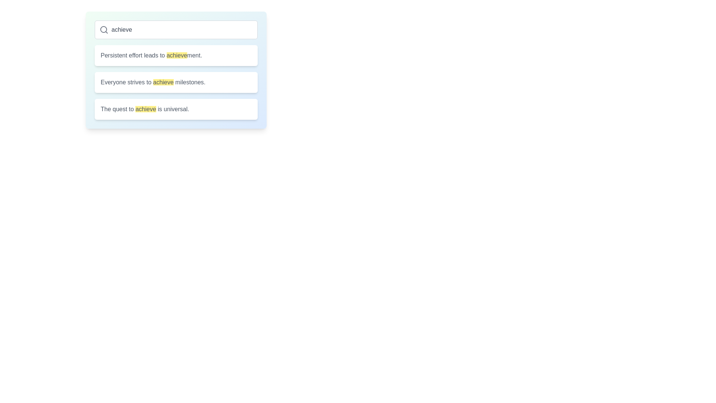  Describe the element at coordinates (127, 82) in the screenshot. I see `the text element that presents the phrase 'Everyone strives to', located on the left side of the sentence 'Everyone strives to achieve milestones.'` at that location.